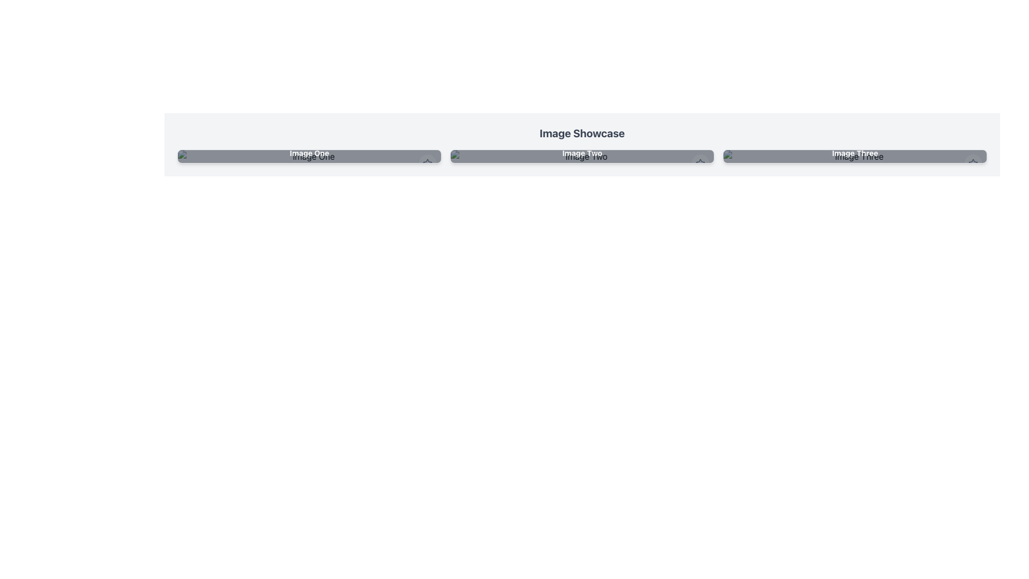  What do you see at coordinates (427, 163) in the screenshot?
I see `the star icon located in the upper-right corner of the 'Image One' component, which has a rounded design and a gray outline within a circular white background` at bounding box center [427, 163].